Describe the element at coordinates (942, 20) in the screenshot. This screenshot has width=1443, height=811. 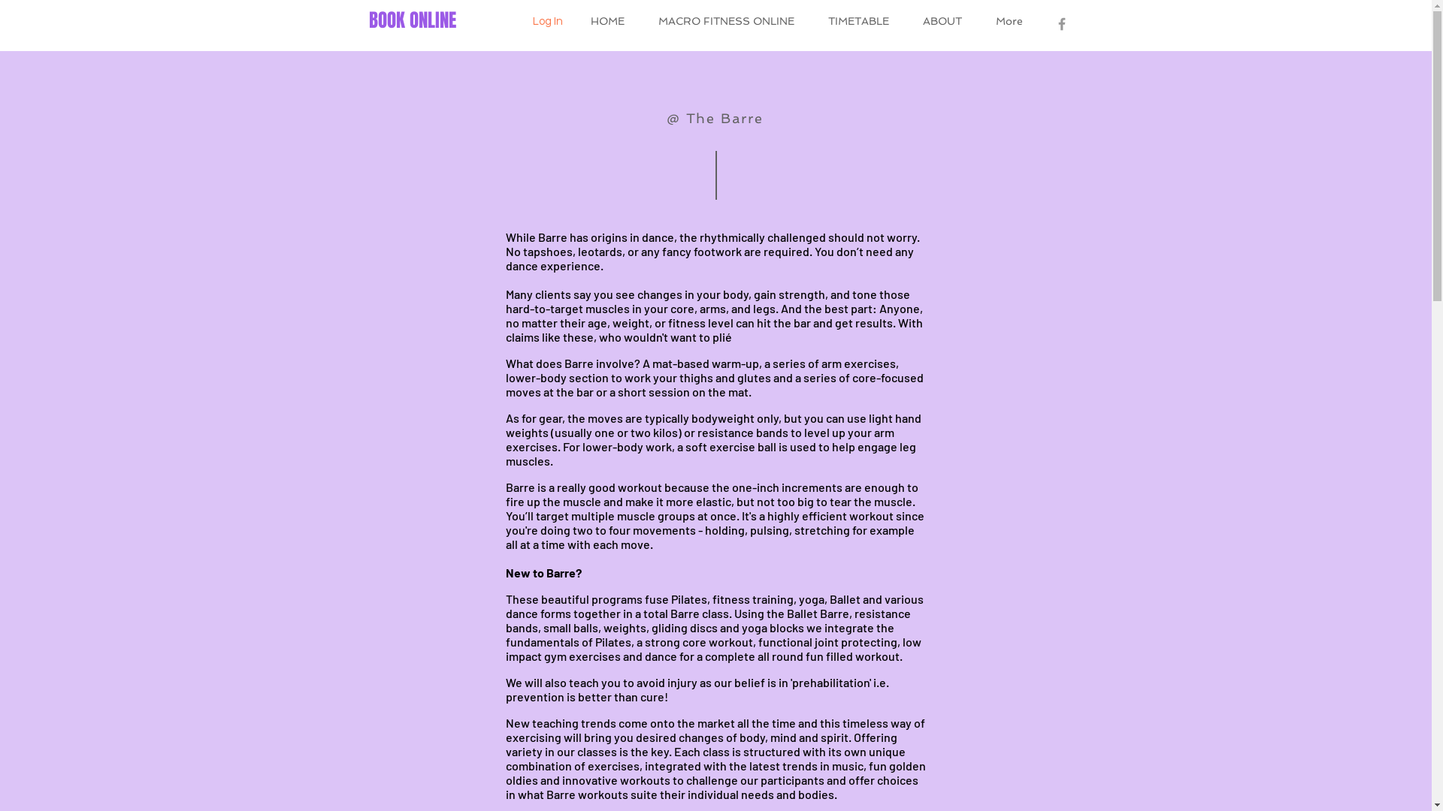
I see `'ABOUT'` at that location.